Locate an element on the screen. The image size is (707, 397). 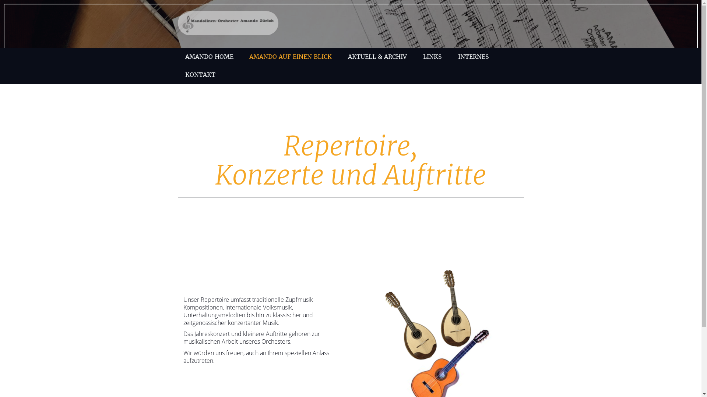
'INTERNES' is located at coordinates (474, 56).